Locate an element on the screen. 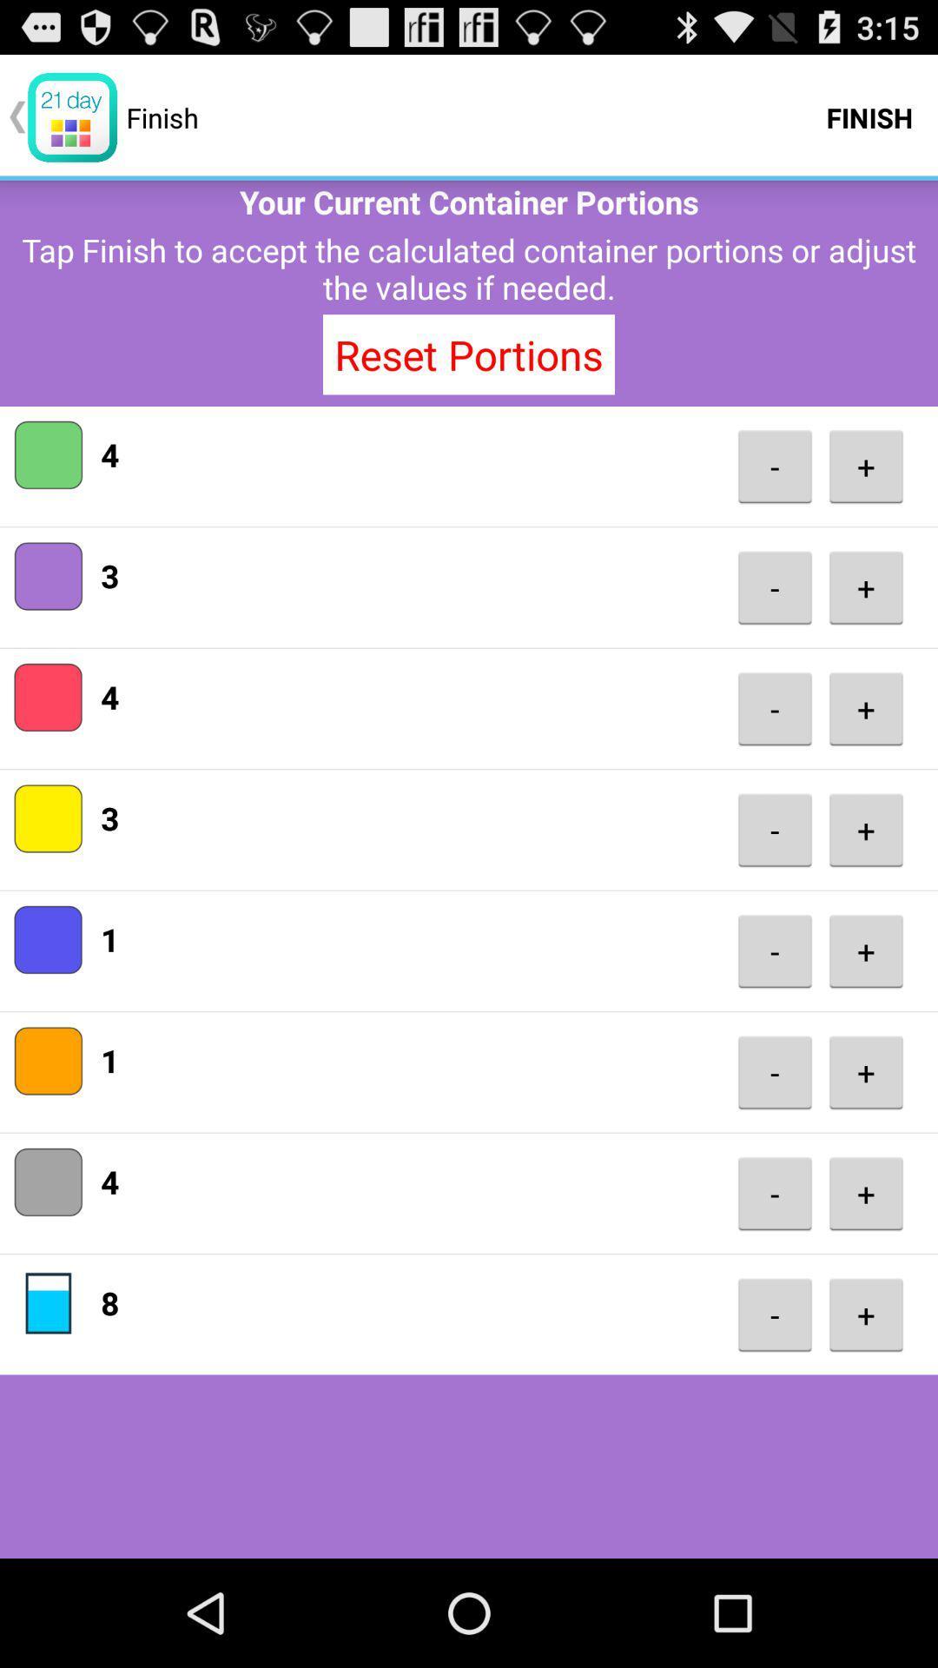 The image size is (938, 1668). item to the left of + is located at coordinates (774, 1314).